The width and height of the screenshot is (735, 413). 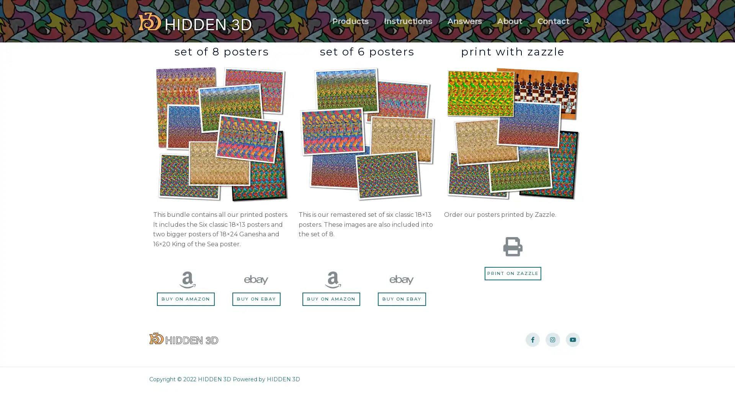 I want to click on BUY ON EBAY, so click(x=256, y=299).